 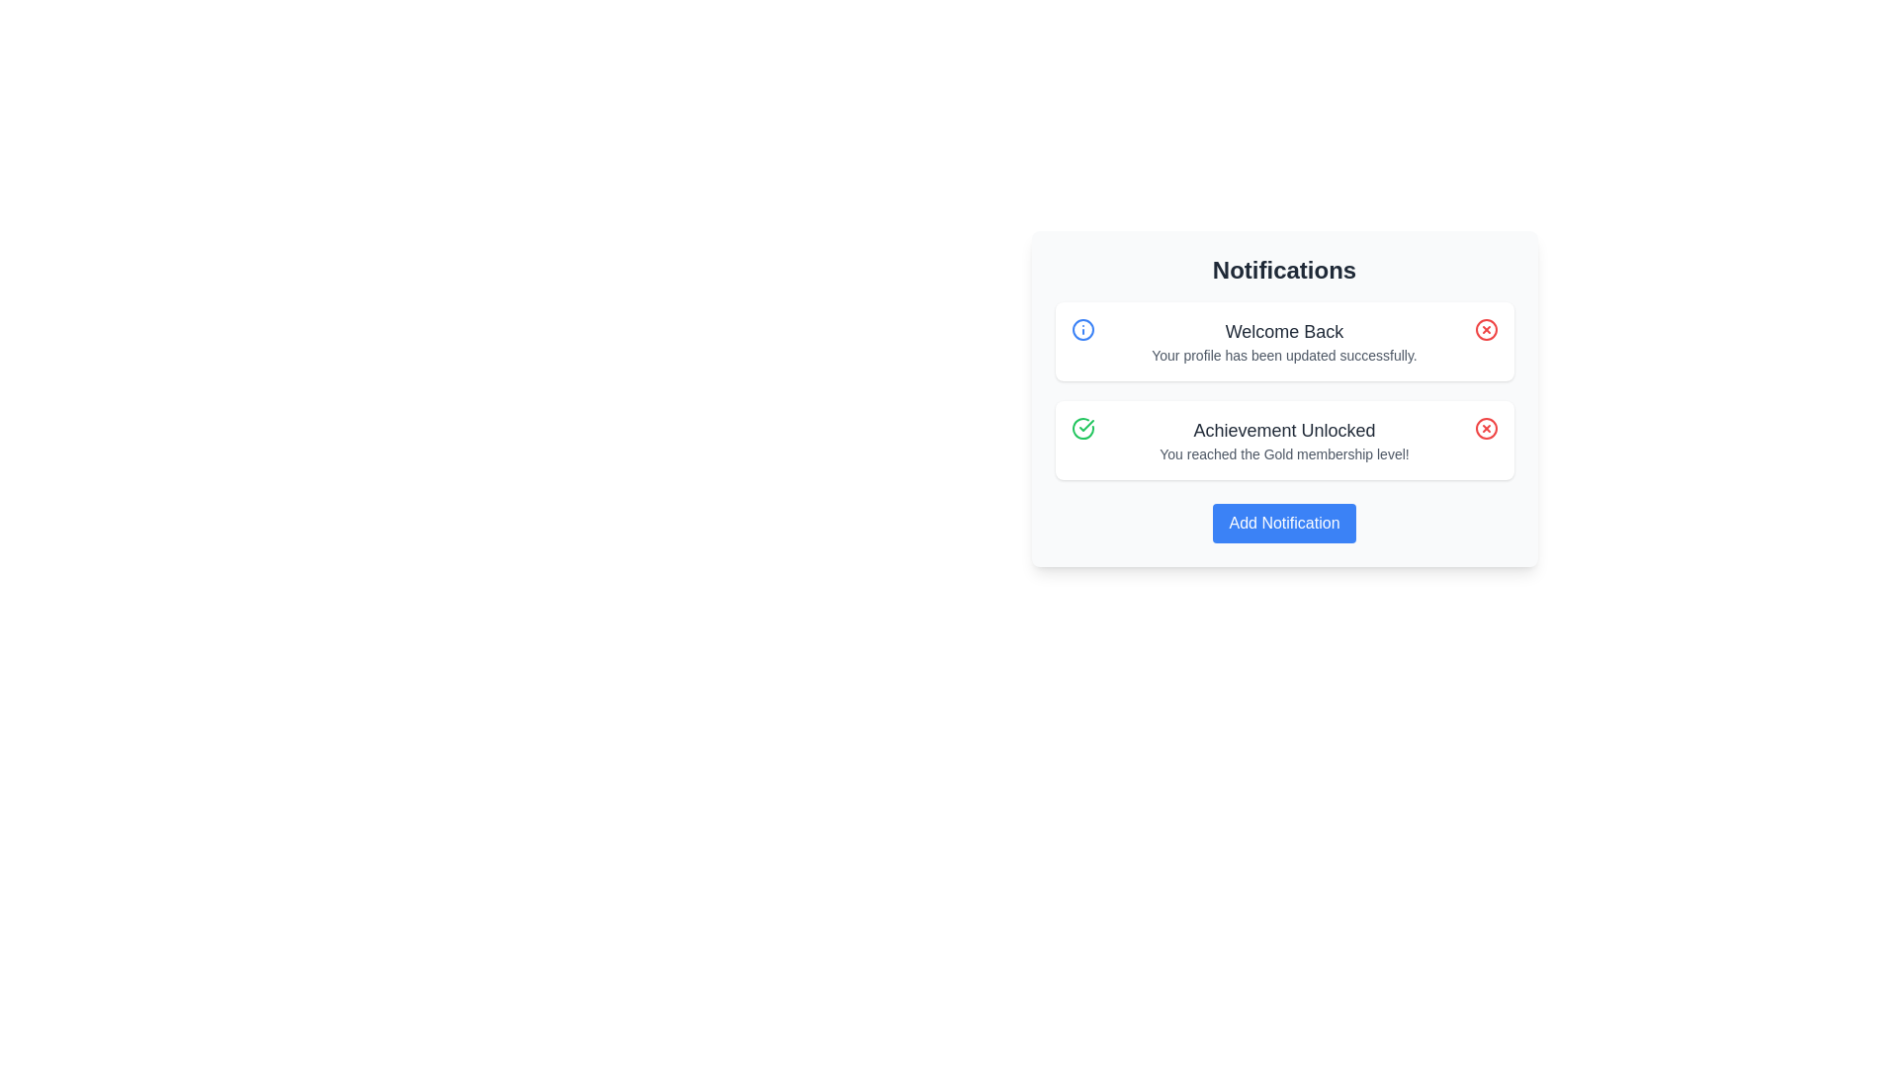 What do you see at coordinates (1486, 329) in the screenshot?
I see `the red circular button with an 'X' symbol, located on the right side of the notification section aligned with the title 'Welcome Back'` at bounding box center [1486, 329].